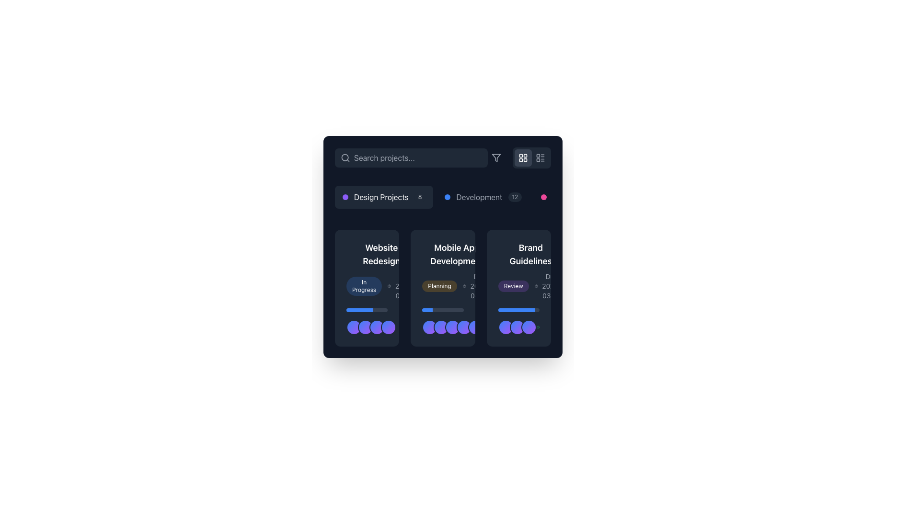  I want to click on the individual circular profile icons in the group of member indicators located within the 'Brand Guidelines' card, positioned at the bottom under the progress bar, so click(518, 321).